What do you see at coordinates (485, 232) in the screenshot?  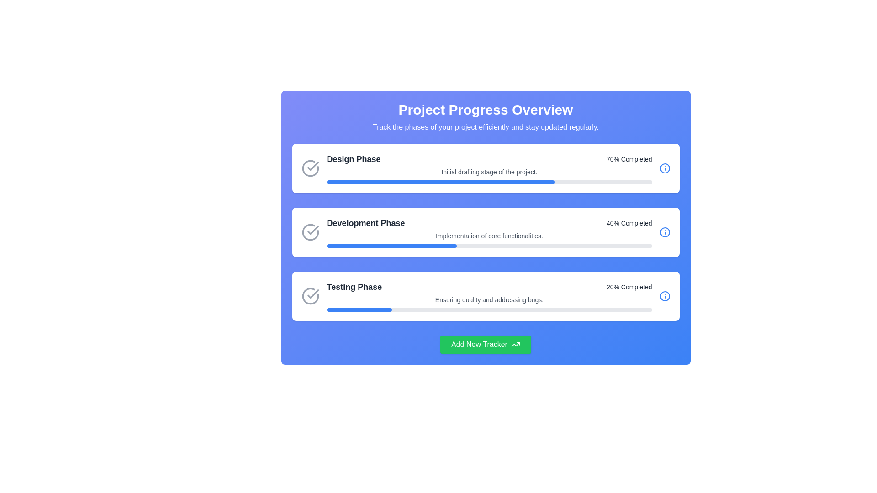 I see `the middle progress section labeled 'Development Phase' in the project overview interface` at bounding box center [485, 232].